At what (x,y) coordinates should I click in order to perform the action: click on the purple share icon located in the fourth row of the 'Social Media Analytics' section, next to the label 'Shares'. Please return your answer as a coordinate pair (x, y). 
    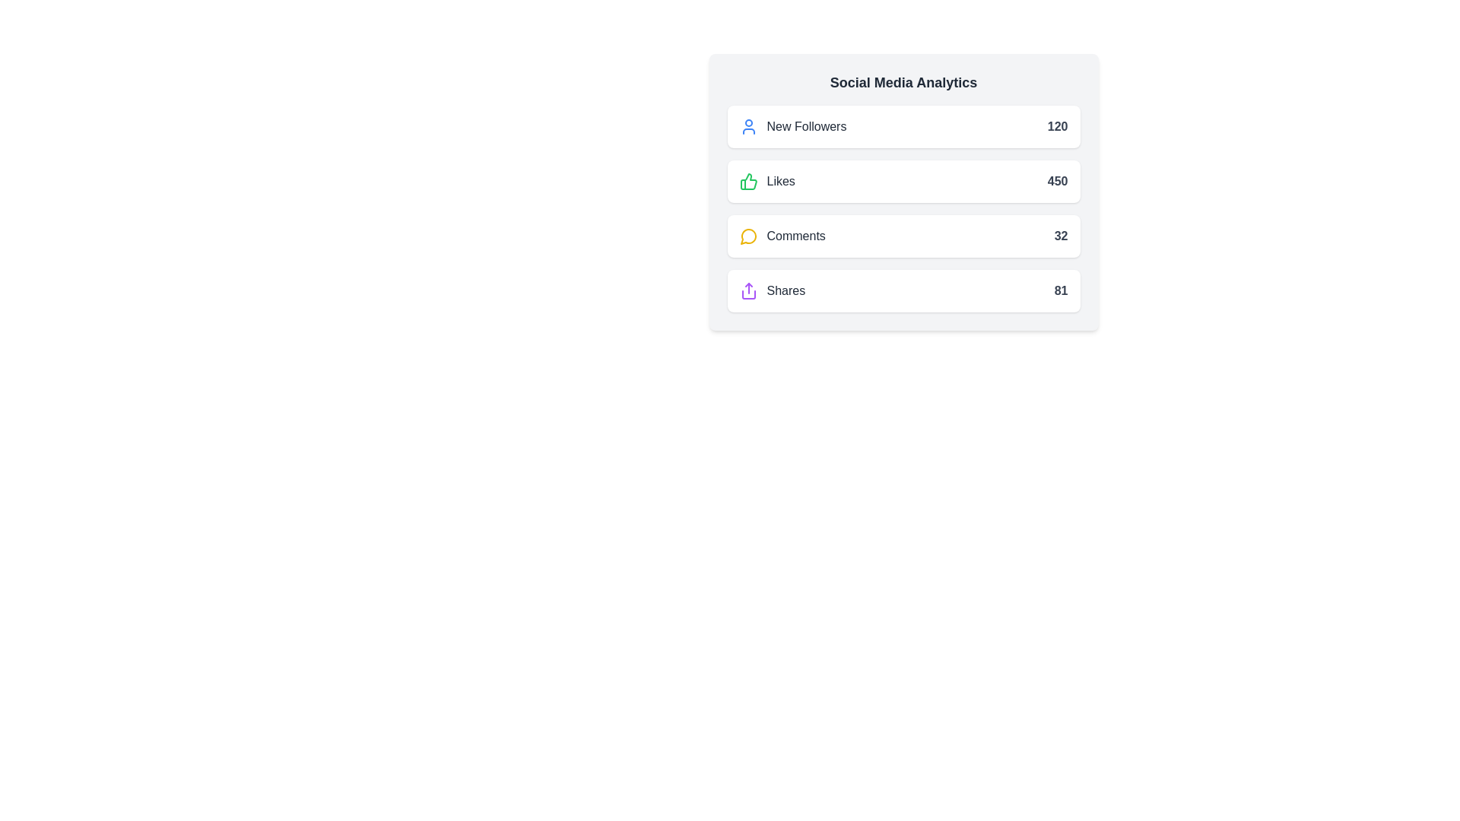
    Looking at the image, I should click on (748, 290).